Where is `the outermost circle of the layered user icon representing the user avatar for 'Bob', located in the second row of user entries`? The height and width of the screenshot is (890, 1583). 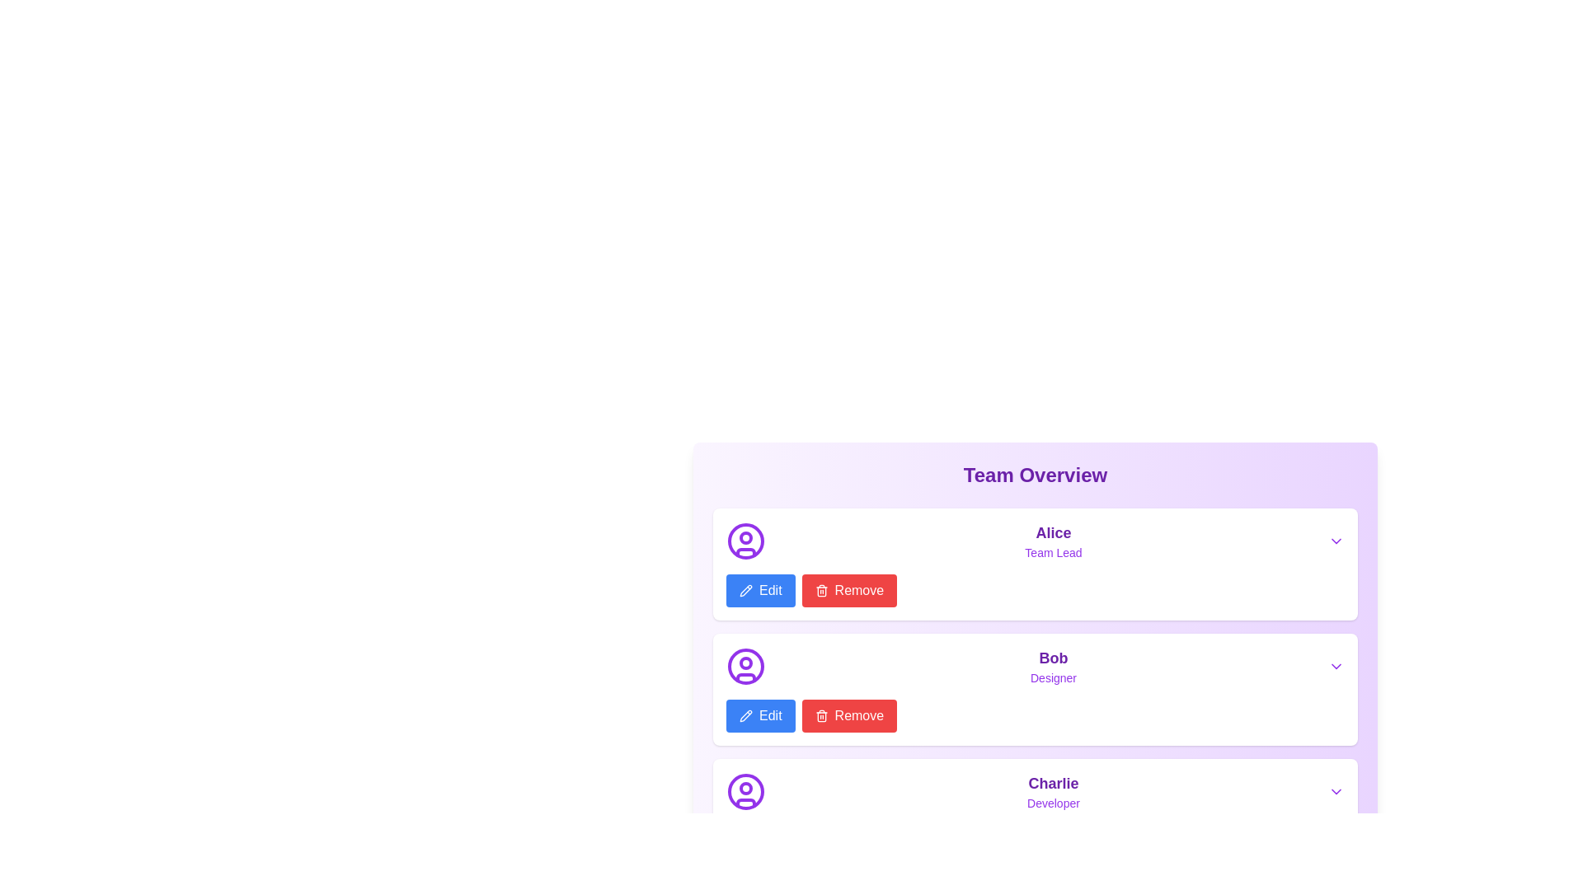
the outermost circle of the layered user icon representing the user avatar for 'Bob', located in the second row of user entries is located at coordinates (745, 666).